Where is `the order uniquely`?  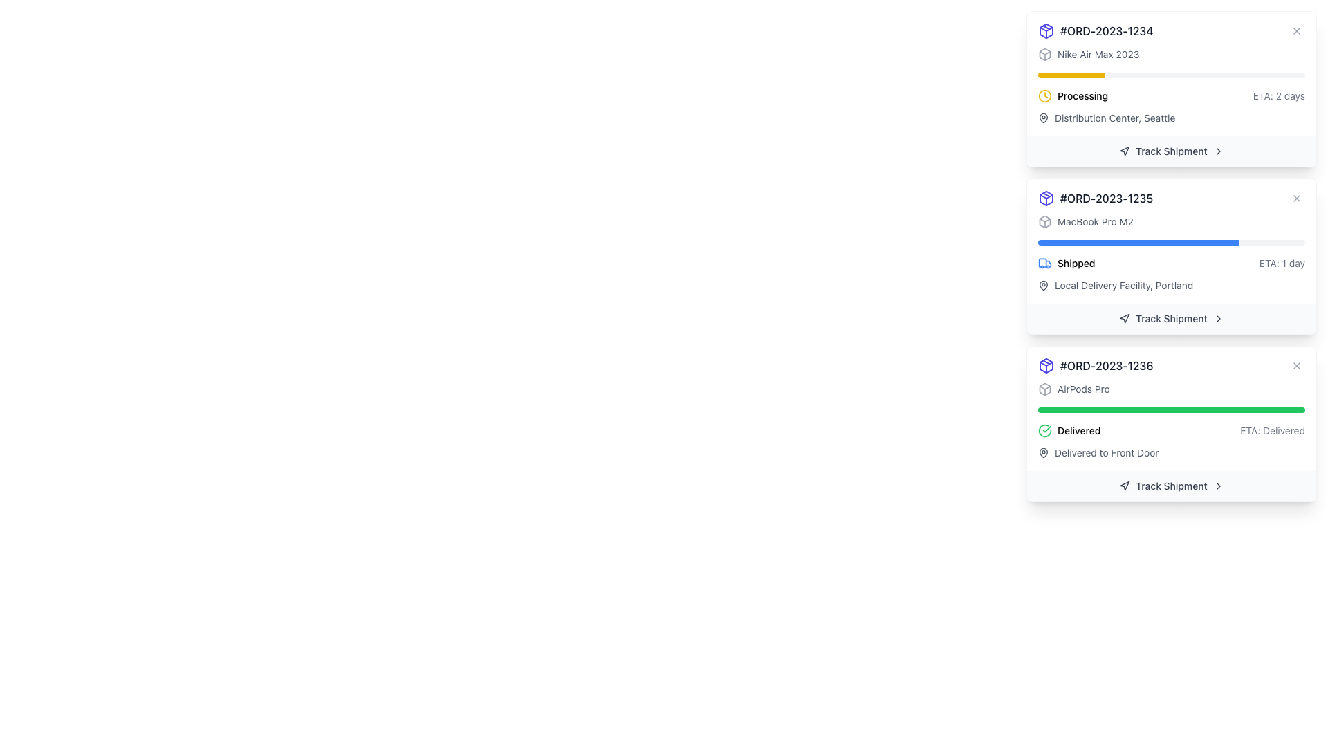
the order uniquely is located at coordinates (1171, 198).